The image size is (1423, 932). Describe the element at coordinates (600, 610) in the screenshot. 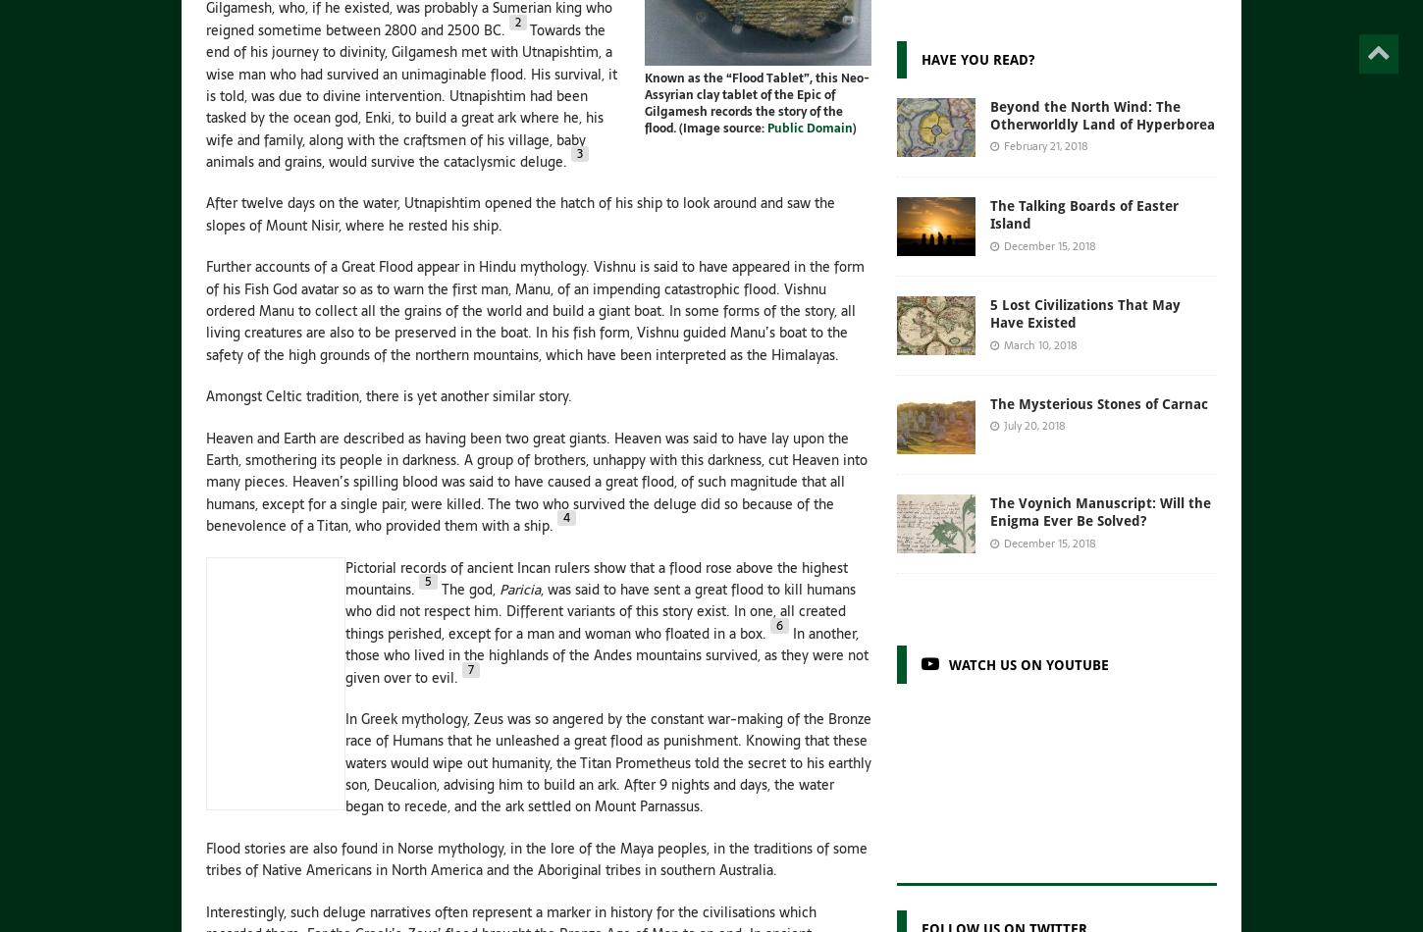

I see `', was said to have sent a great flood to kill humans who did not respect him. Different variants of this story exist. In one, all created things perished, except for a man and woman who floated in a box.'` at that location.